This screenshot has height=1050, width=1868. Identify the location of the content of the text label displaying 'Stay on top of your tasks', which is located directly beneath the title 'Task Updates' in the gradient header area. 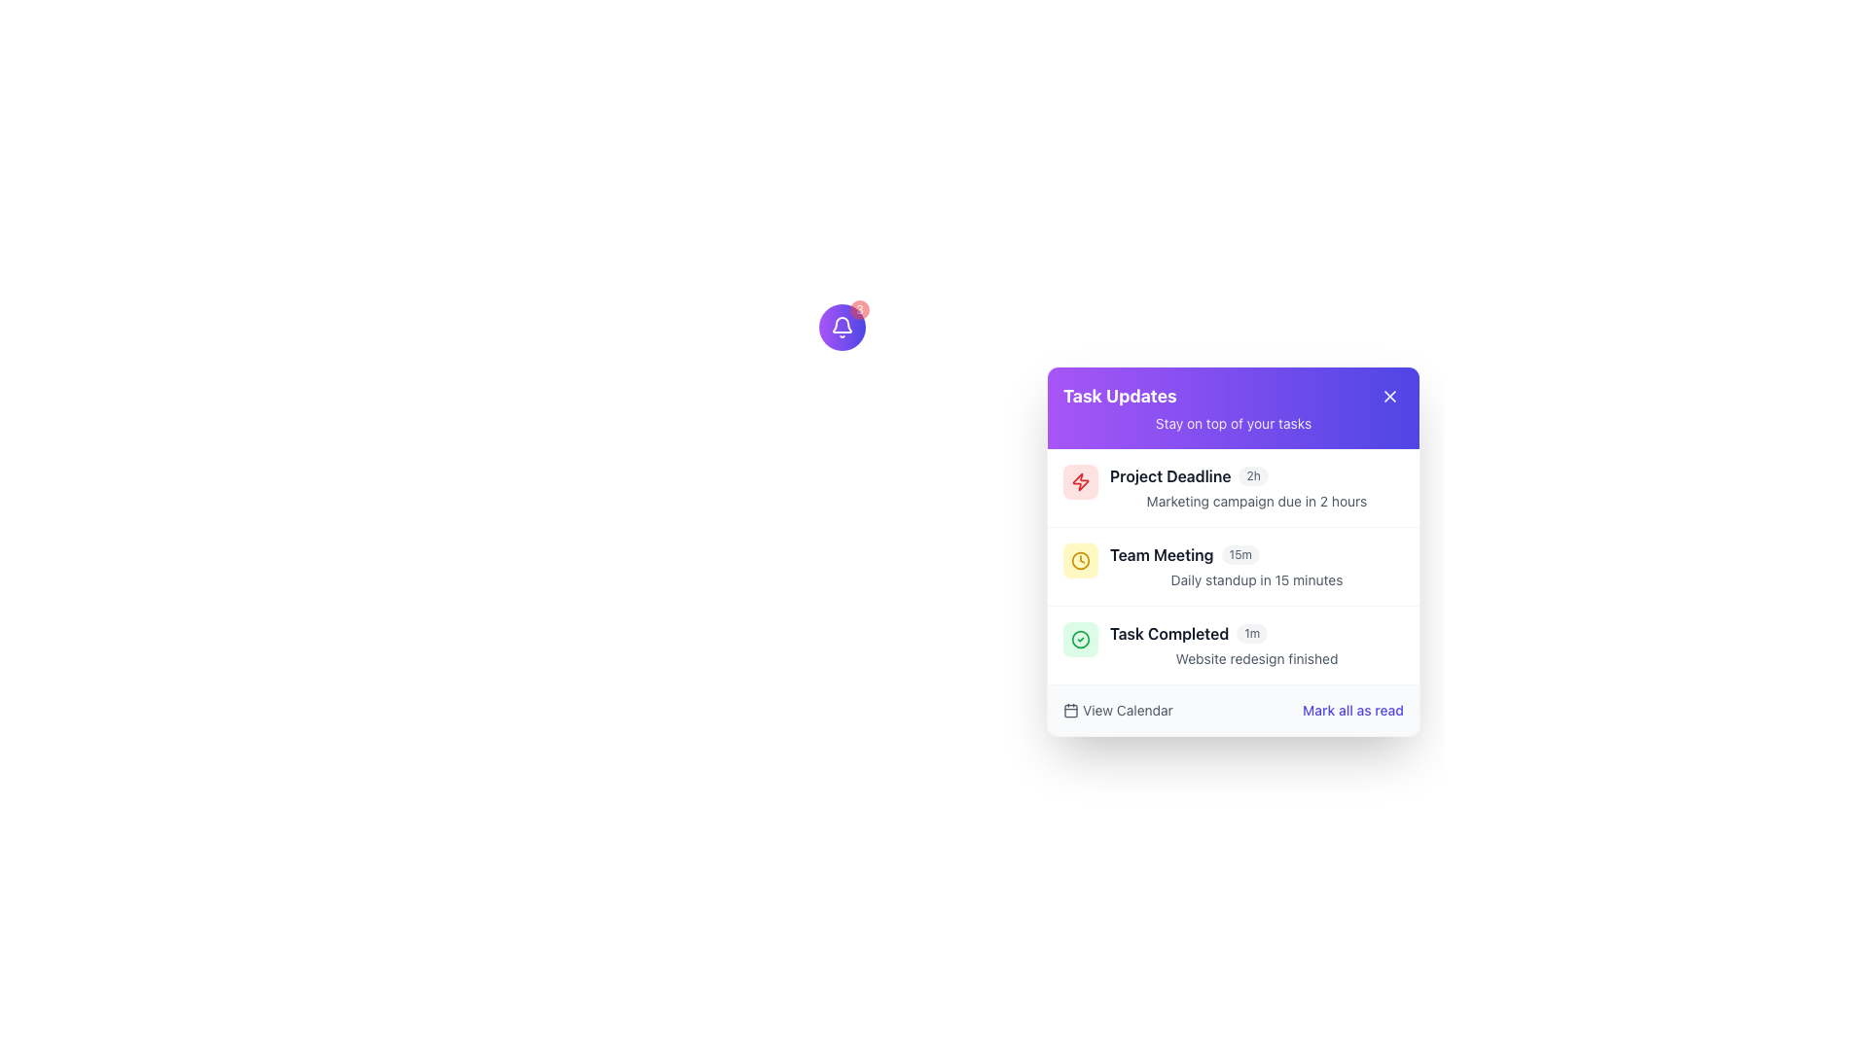
(1232, 422).